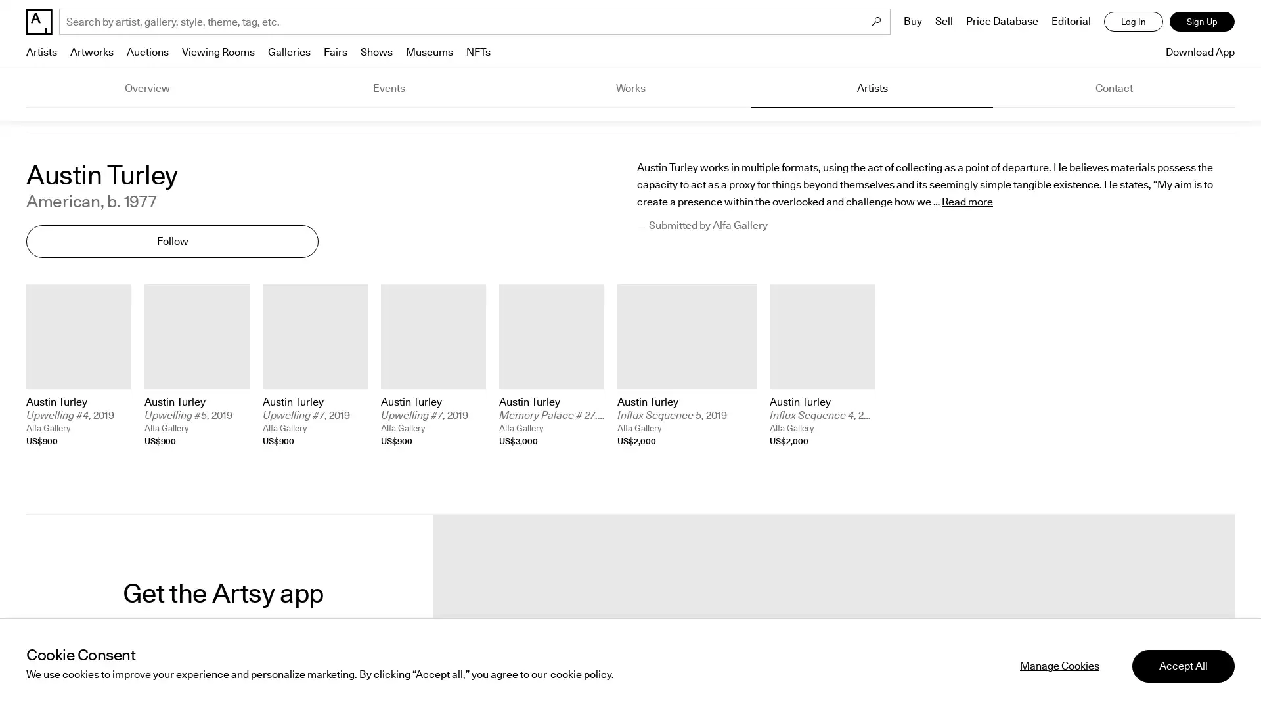 The height and width of the screenshot is (709, 1261). What do you see at coordinates (1197, 51) in the screenshot?
I see `Download App` at bounding box center [1197, 51].